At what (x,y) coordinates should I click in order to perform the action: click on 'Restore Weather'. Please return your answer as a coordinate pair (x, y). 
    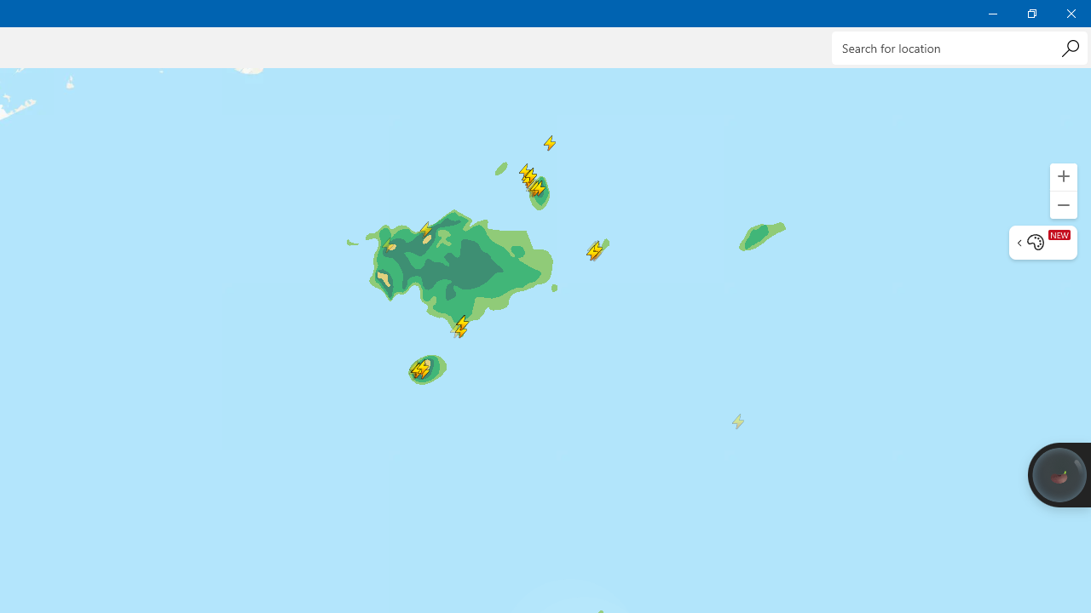
    Looking at the image, I should click on (1030, 13).